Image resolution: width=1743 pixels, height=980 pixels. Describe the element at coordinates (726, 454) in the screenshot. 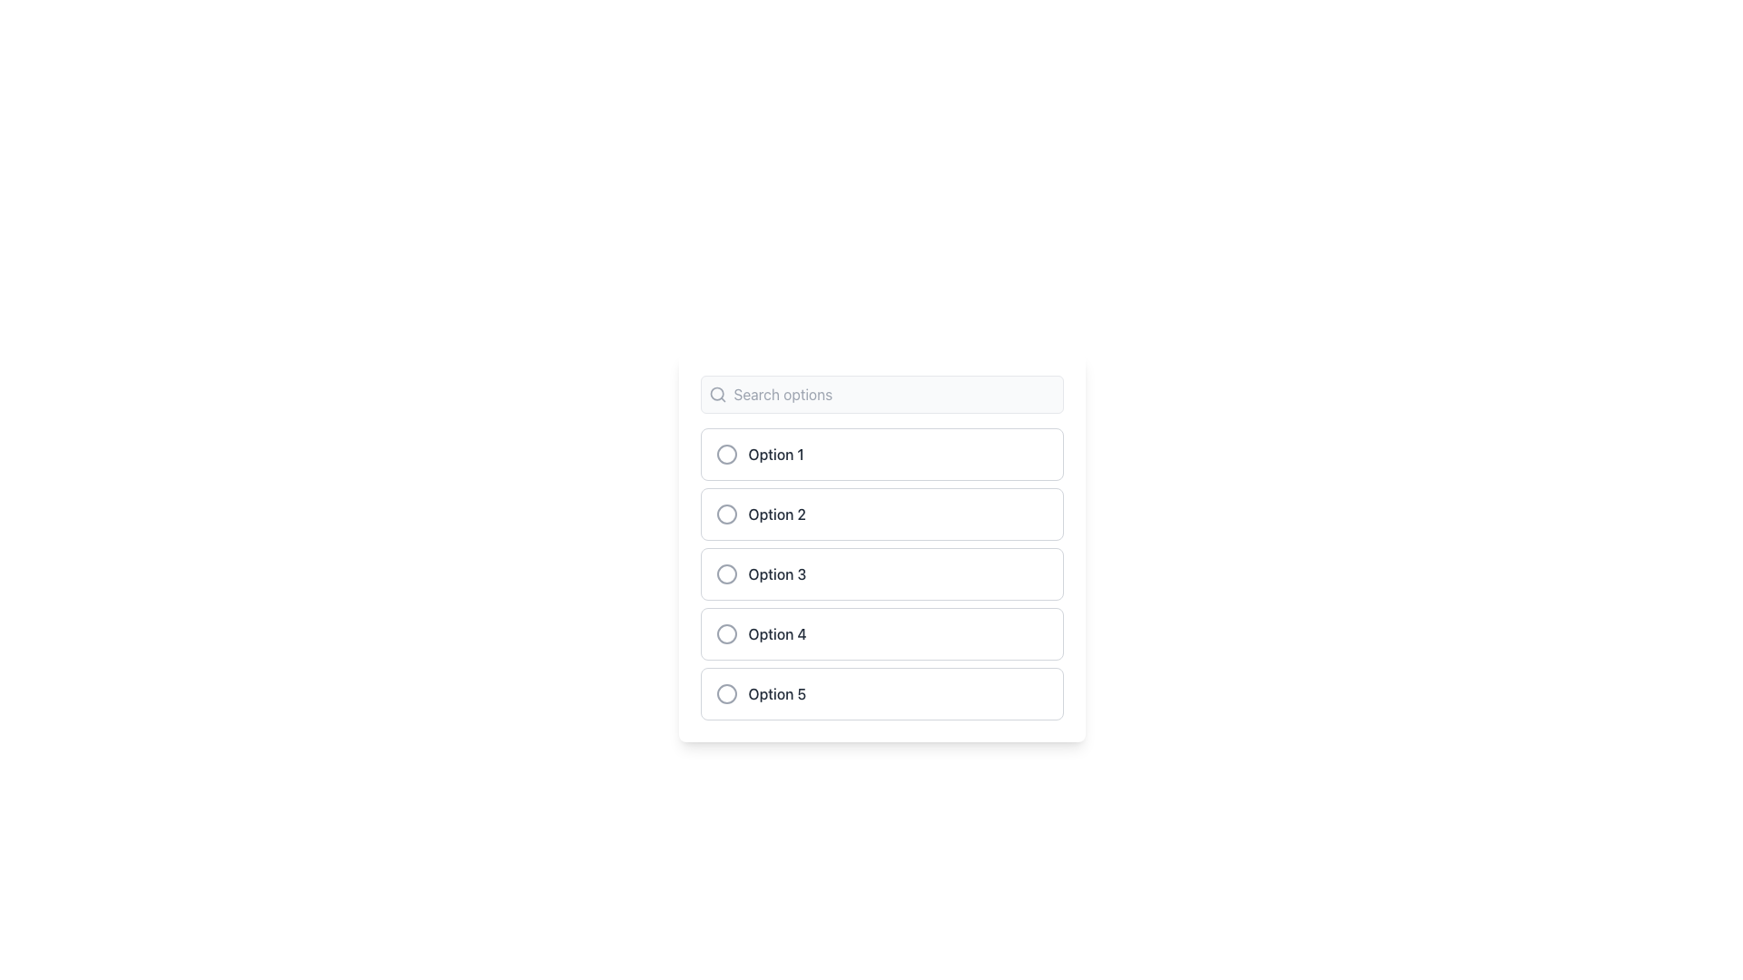

I see `the radio button located to the left of the text 'Option 1'` at that location.